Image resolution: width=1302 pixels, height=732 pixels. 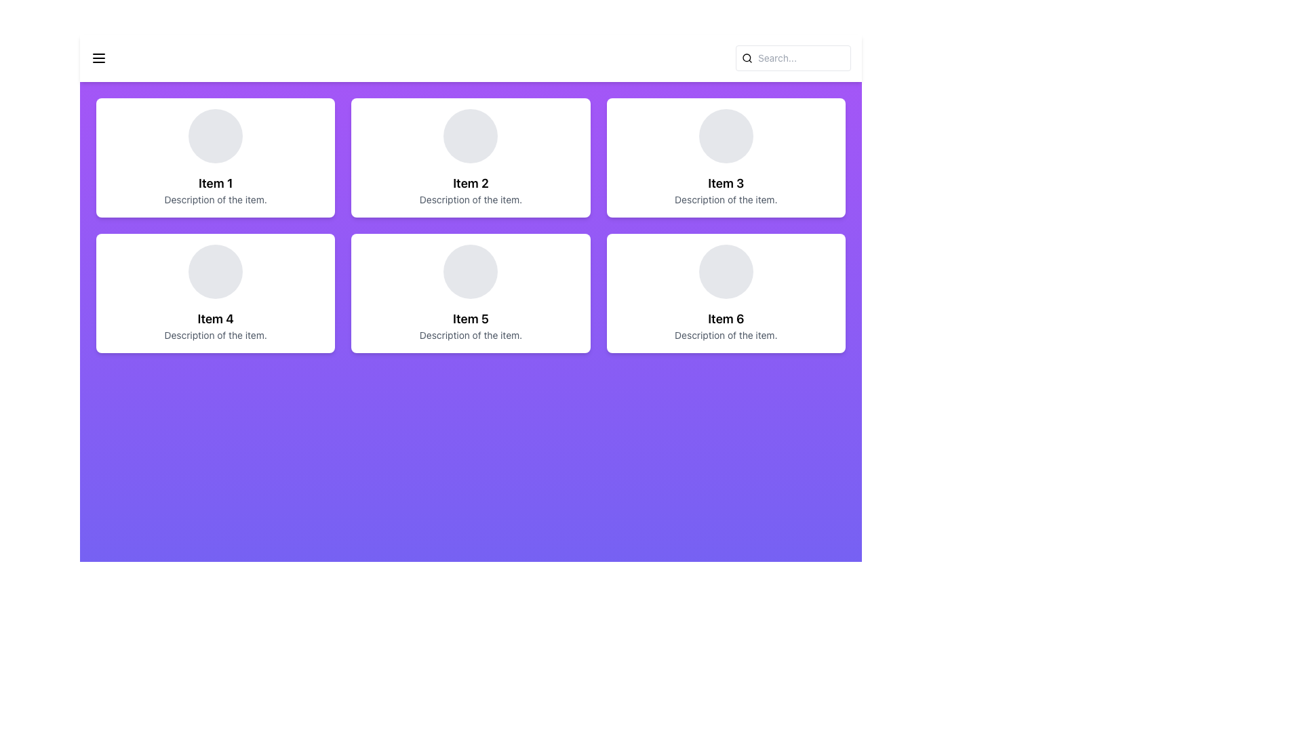 What do you see at coordinates (747, 57) in the screenshot?
I see `the search icon represented by a magnifying glass outline, located near the left edge of the search bar labeled 'Search...'` at bounding box center [747, 57].